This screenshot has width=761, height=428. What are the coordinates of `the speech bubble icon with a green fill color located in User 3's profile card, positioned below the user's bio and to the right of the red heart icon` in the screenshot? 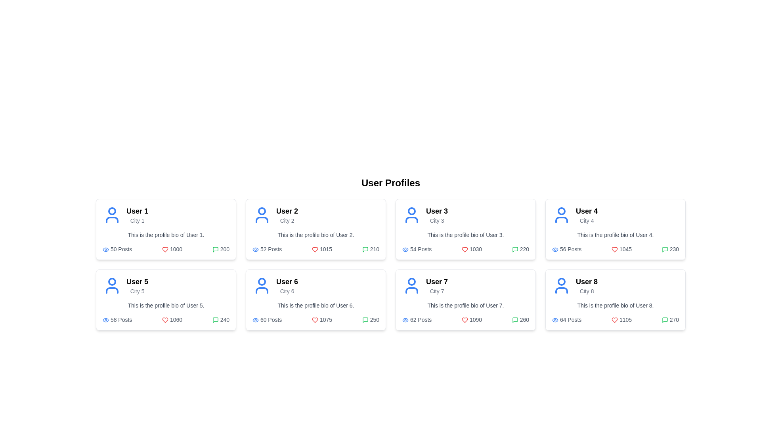 It's located at (515, 250).